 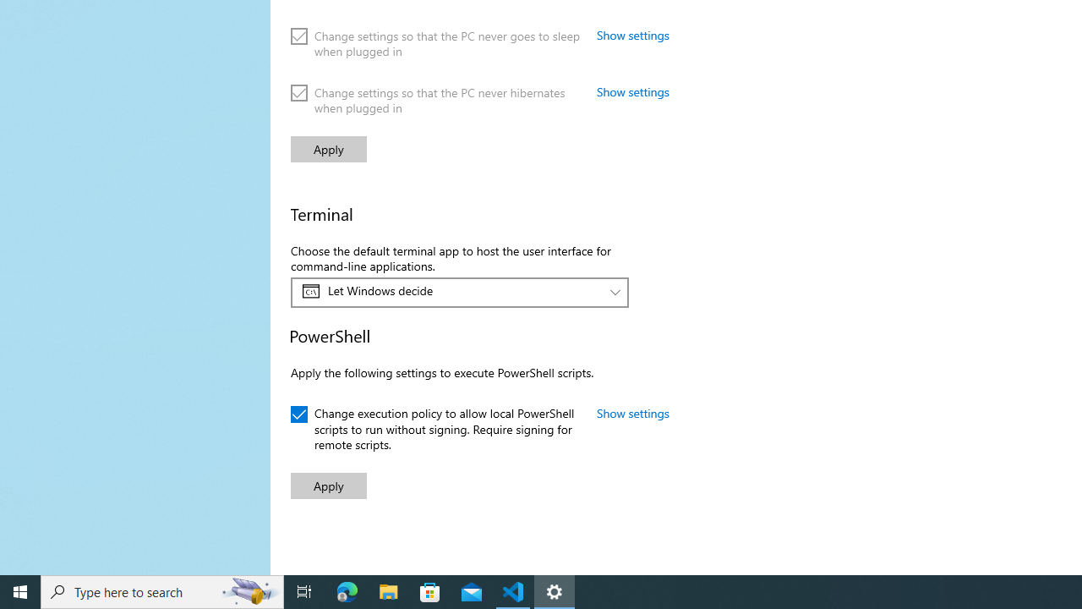 I want to click on 'Search highlights icon opens search home window', so click(x=249, y=590).